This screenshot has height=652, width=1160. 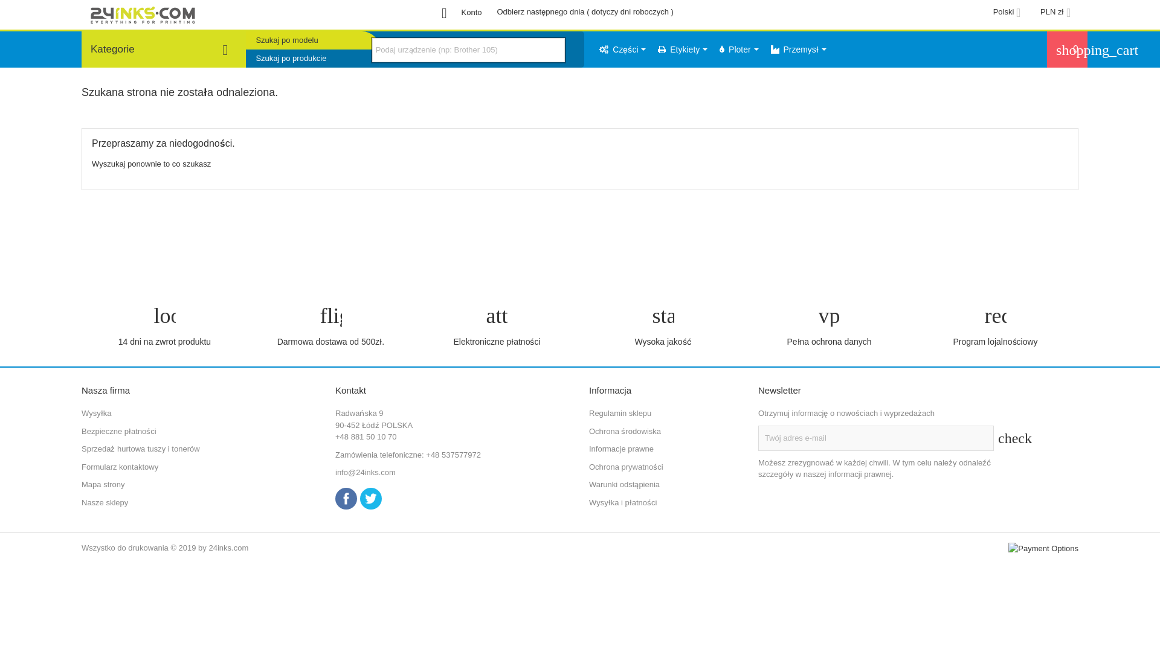 What do you see at coordinates (245, 39) in the screenshot?
I see `'Szukaj po modelu'` at bounding box center [245, 39].